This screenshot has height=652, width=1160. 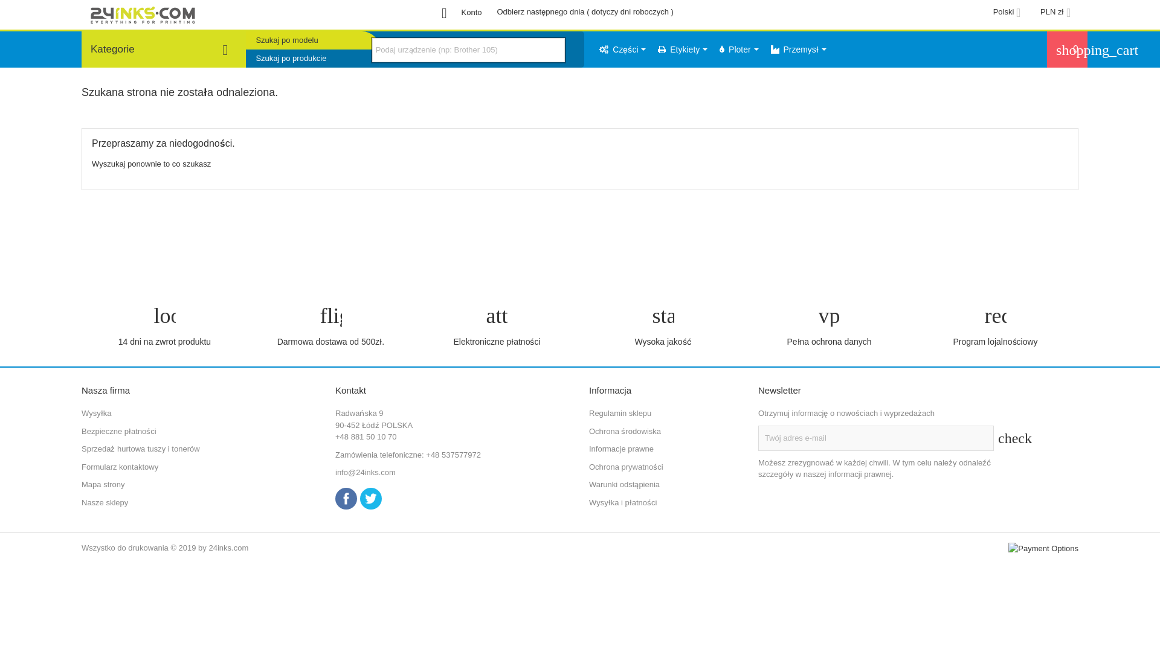 What do you see at coordinates (245, 39) in the screenshot?
I see `'Szukaj po modelu'` at bounding box center [245, 39].